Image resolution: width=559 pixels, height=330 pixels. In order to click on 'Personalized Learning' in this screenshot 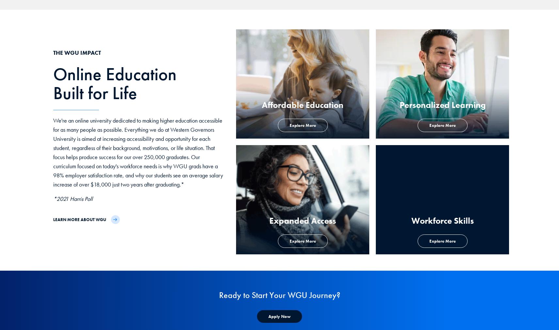, I will do `click(442, 105)`.